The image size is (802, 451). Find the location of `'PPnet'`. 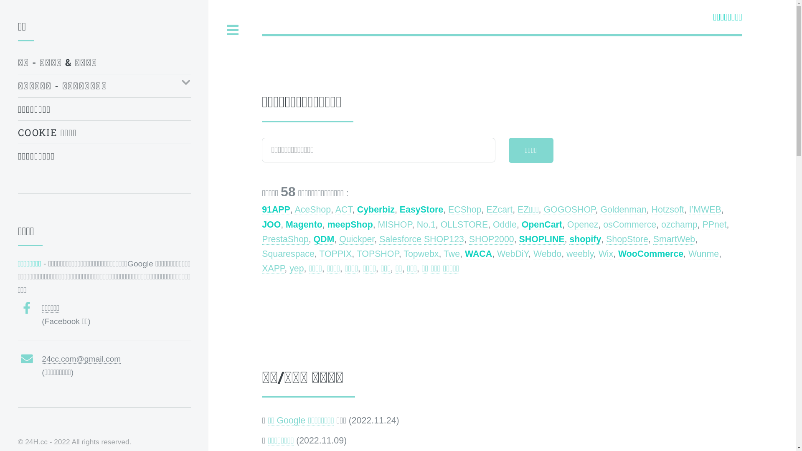

'PPnet' is located at coordinates (702, 224).